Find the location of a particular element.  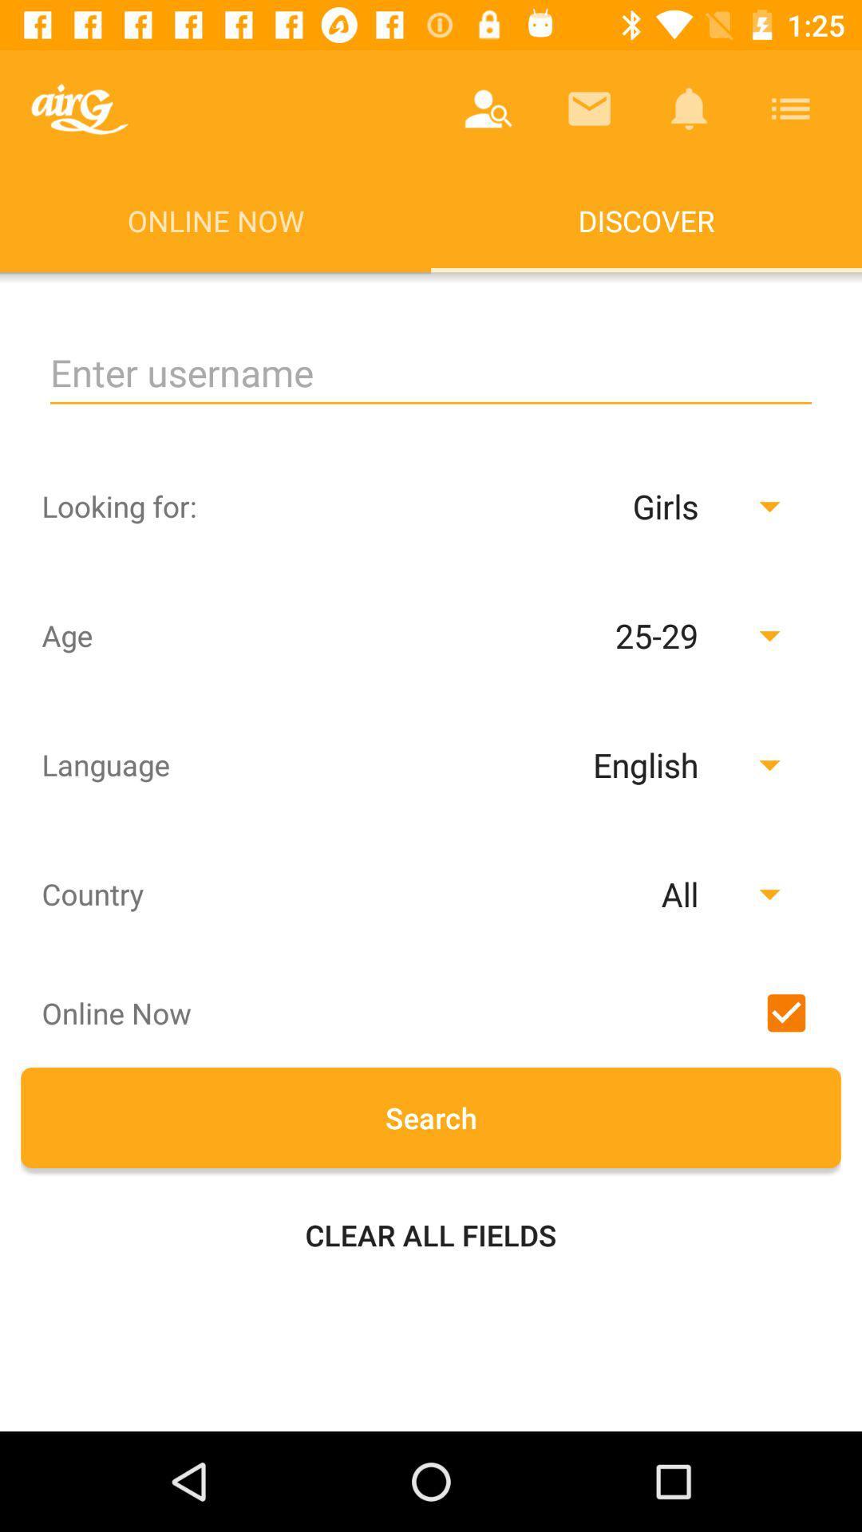

input username is located at coordinates (431, 372).